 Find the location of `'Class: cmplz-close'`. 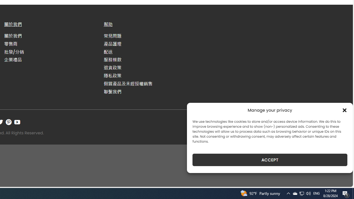

'Class: cmplz-close' is located at coordinates (344, 110).